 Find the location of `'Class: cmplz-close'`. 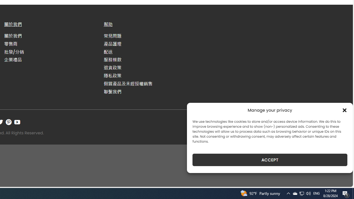

'Class: cmplz-close' is located at coordinates (344, 110).